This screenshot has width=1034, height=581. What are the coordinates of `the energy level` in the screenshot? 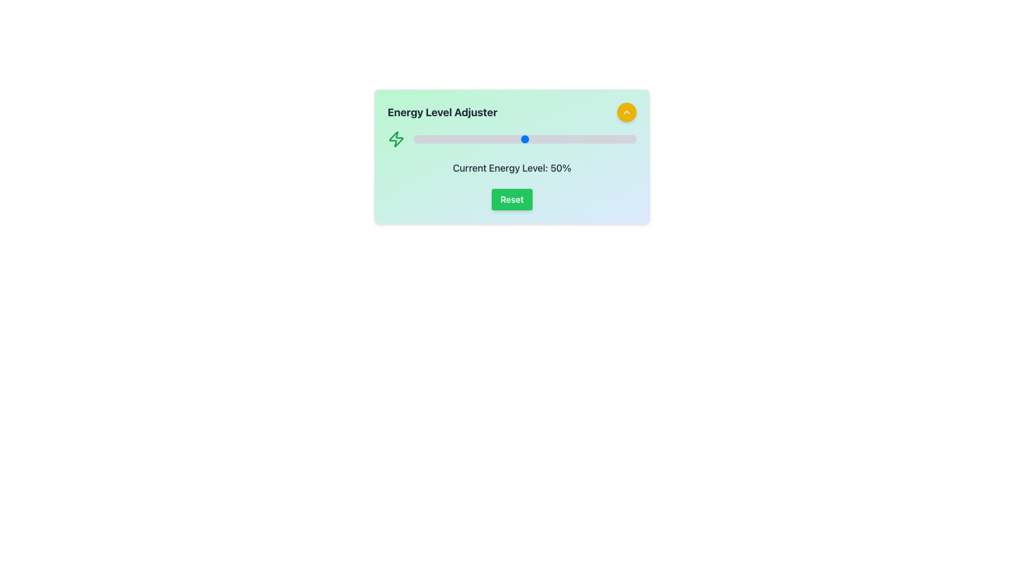 It's located at (436, 138).